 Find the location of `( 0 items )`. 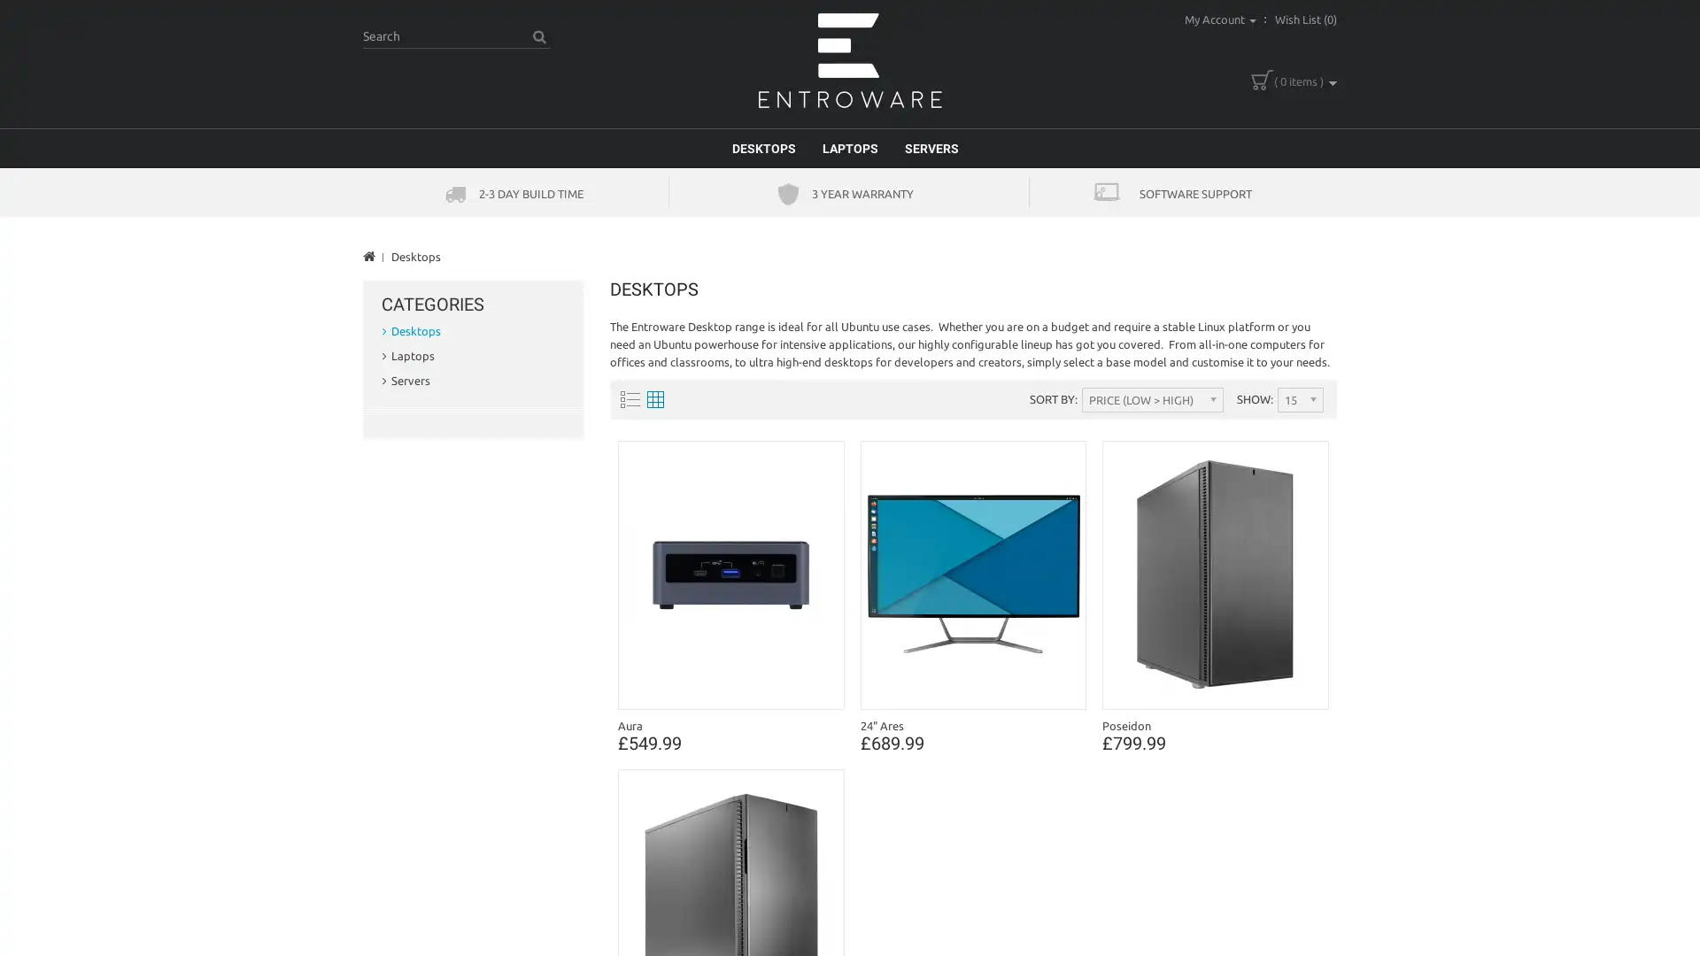

( 0 items ) is located at coordinates (1294, 81).